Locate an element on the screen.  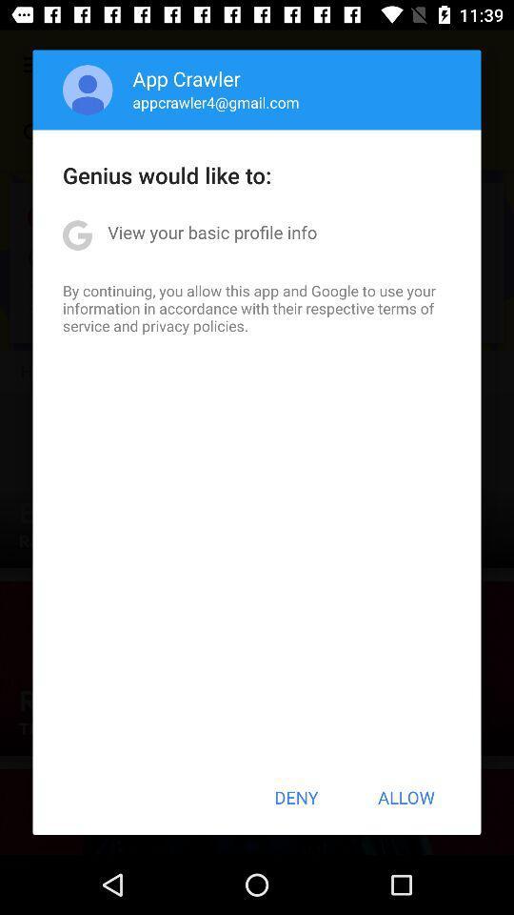
icon above genius would like icon is located at coordinates (87, 90).